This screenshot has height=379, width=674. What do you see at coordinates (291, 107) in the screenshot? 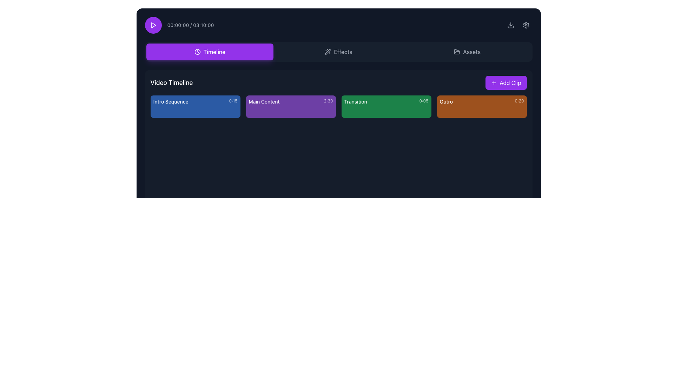
I see `the purple timeline segment block labeled 'Main Content' and '2:30'` at bounding box center [291, 107].